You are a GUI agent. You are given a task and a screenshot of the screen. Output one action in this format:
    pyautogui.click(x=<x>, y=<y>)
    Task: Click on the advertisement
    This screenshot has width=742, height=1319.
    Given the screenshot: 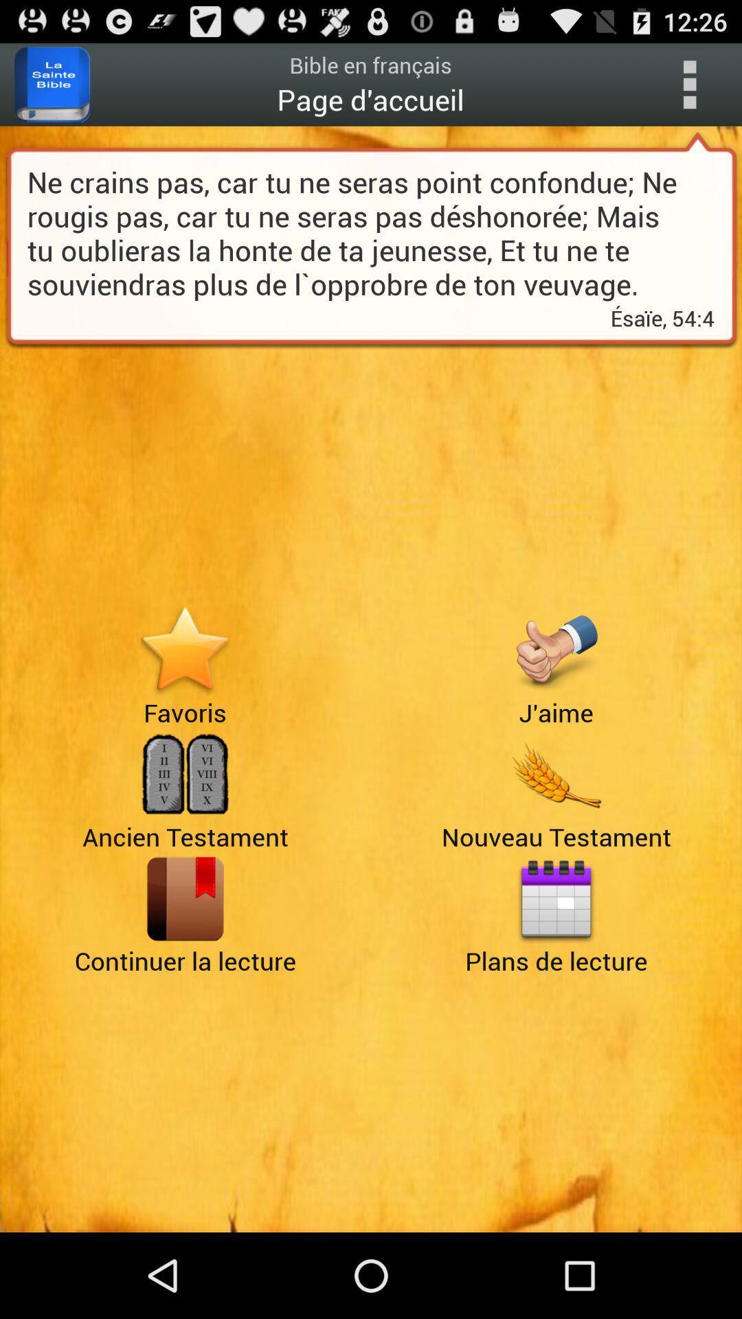 What is the action you would take?
    pyautogui.click(x=555, y=774)
    